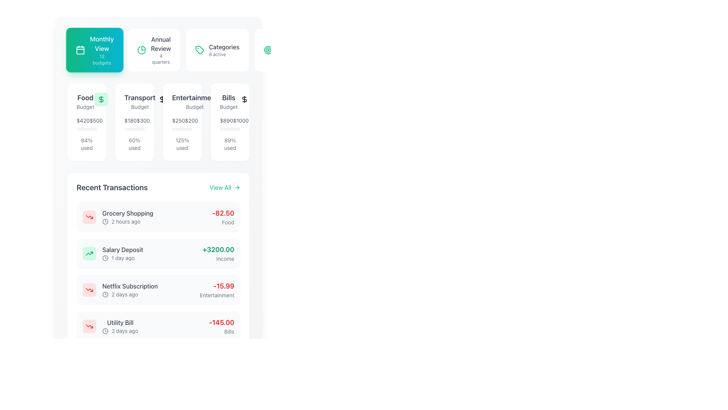 The width and height of the screenshot is (728, 410). Describe the element at coordinates (105, 221) in the screenshot. I see `the clock icon located to the immediate left of the '2 hours ago' text in the first transaction row of the 'Recent Transactions' section` at that location.